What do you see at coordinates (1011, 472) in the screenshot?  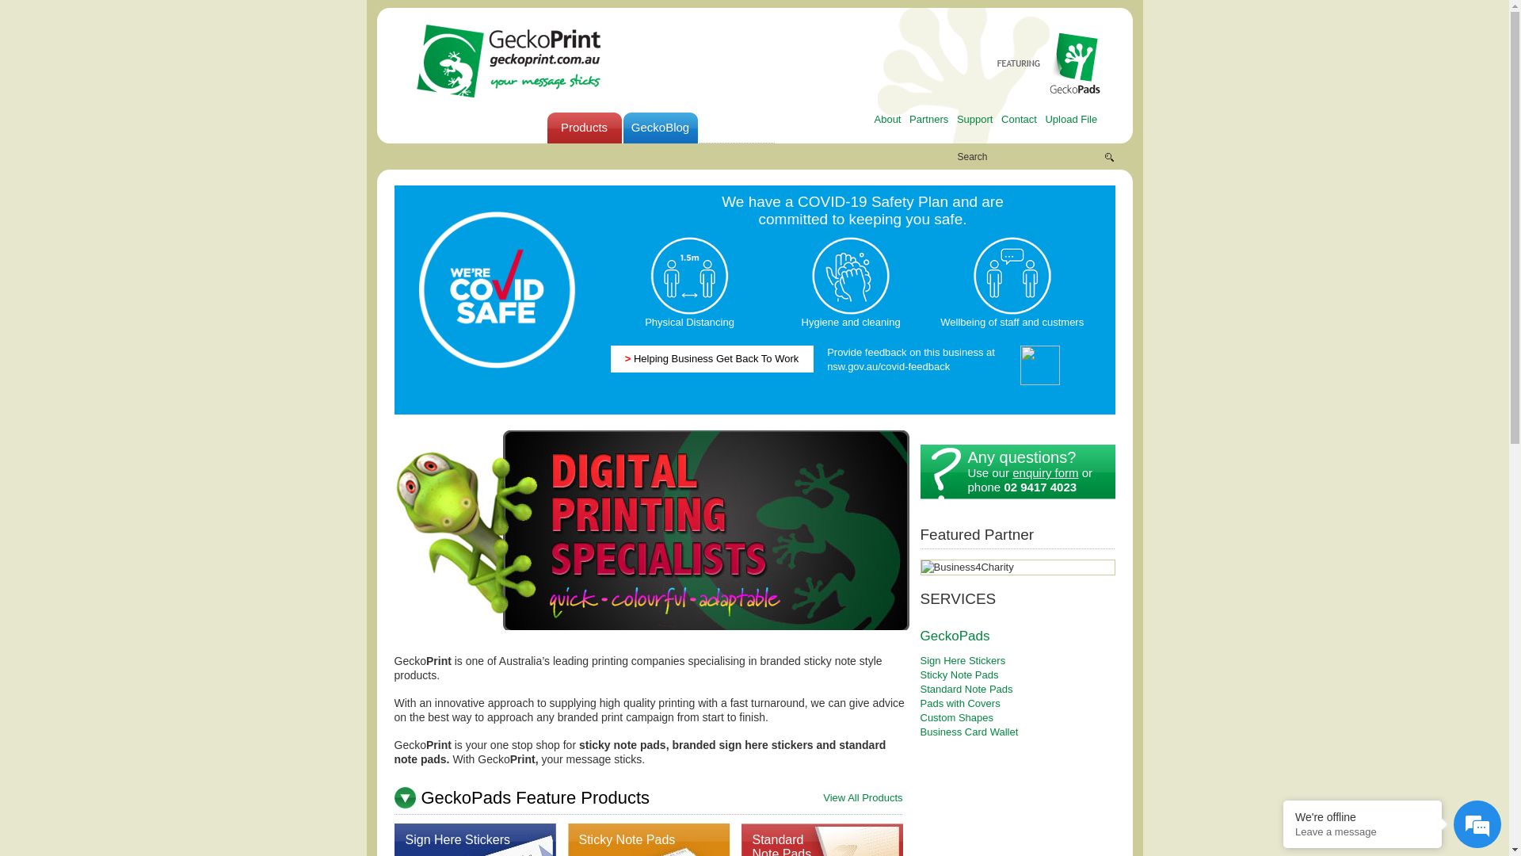 I see `'enquiry form'` at bounding box center [1011, 472].